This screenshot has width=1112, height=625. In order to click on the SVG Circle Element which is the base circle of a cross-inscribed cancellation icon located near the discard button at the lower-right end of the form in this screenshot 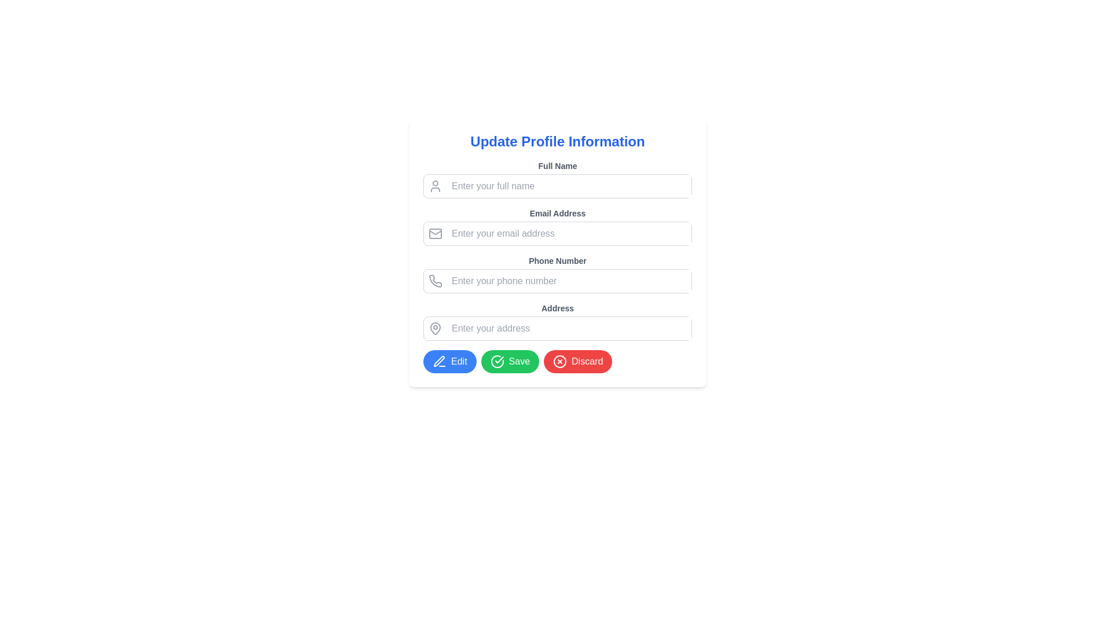, I will do `click(560, 361)`.